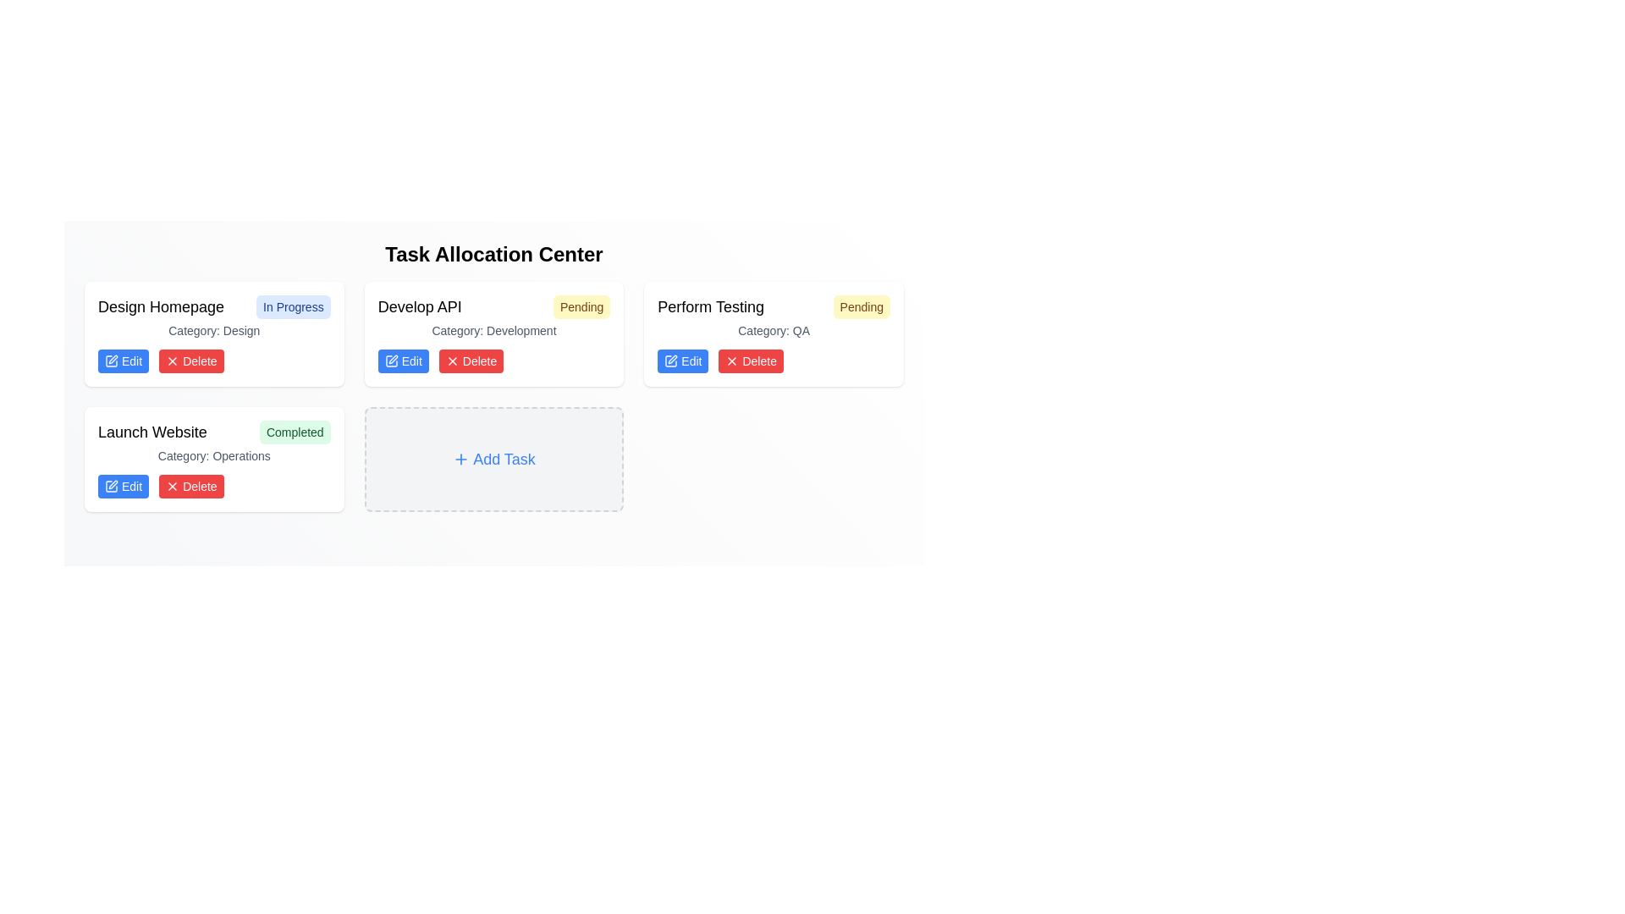 This screenshot has width=1625, height=914. Describe the element at coordinates (113, 485) in the screenshot. I see `the edit icon embedded in the 'Edit' button located below the 'Launch Website' task card` at that location.